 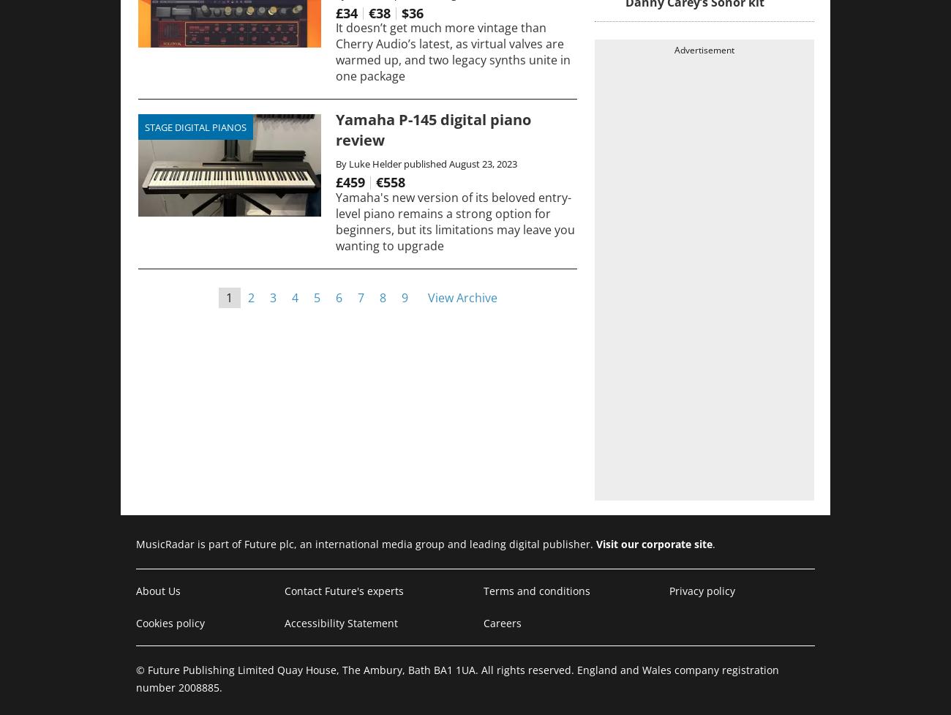 What do you see at coordinates (462, 297) in the screenshot?
I see `'View Archive'` at bounding box center [462, 297].